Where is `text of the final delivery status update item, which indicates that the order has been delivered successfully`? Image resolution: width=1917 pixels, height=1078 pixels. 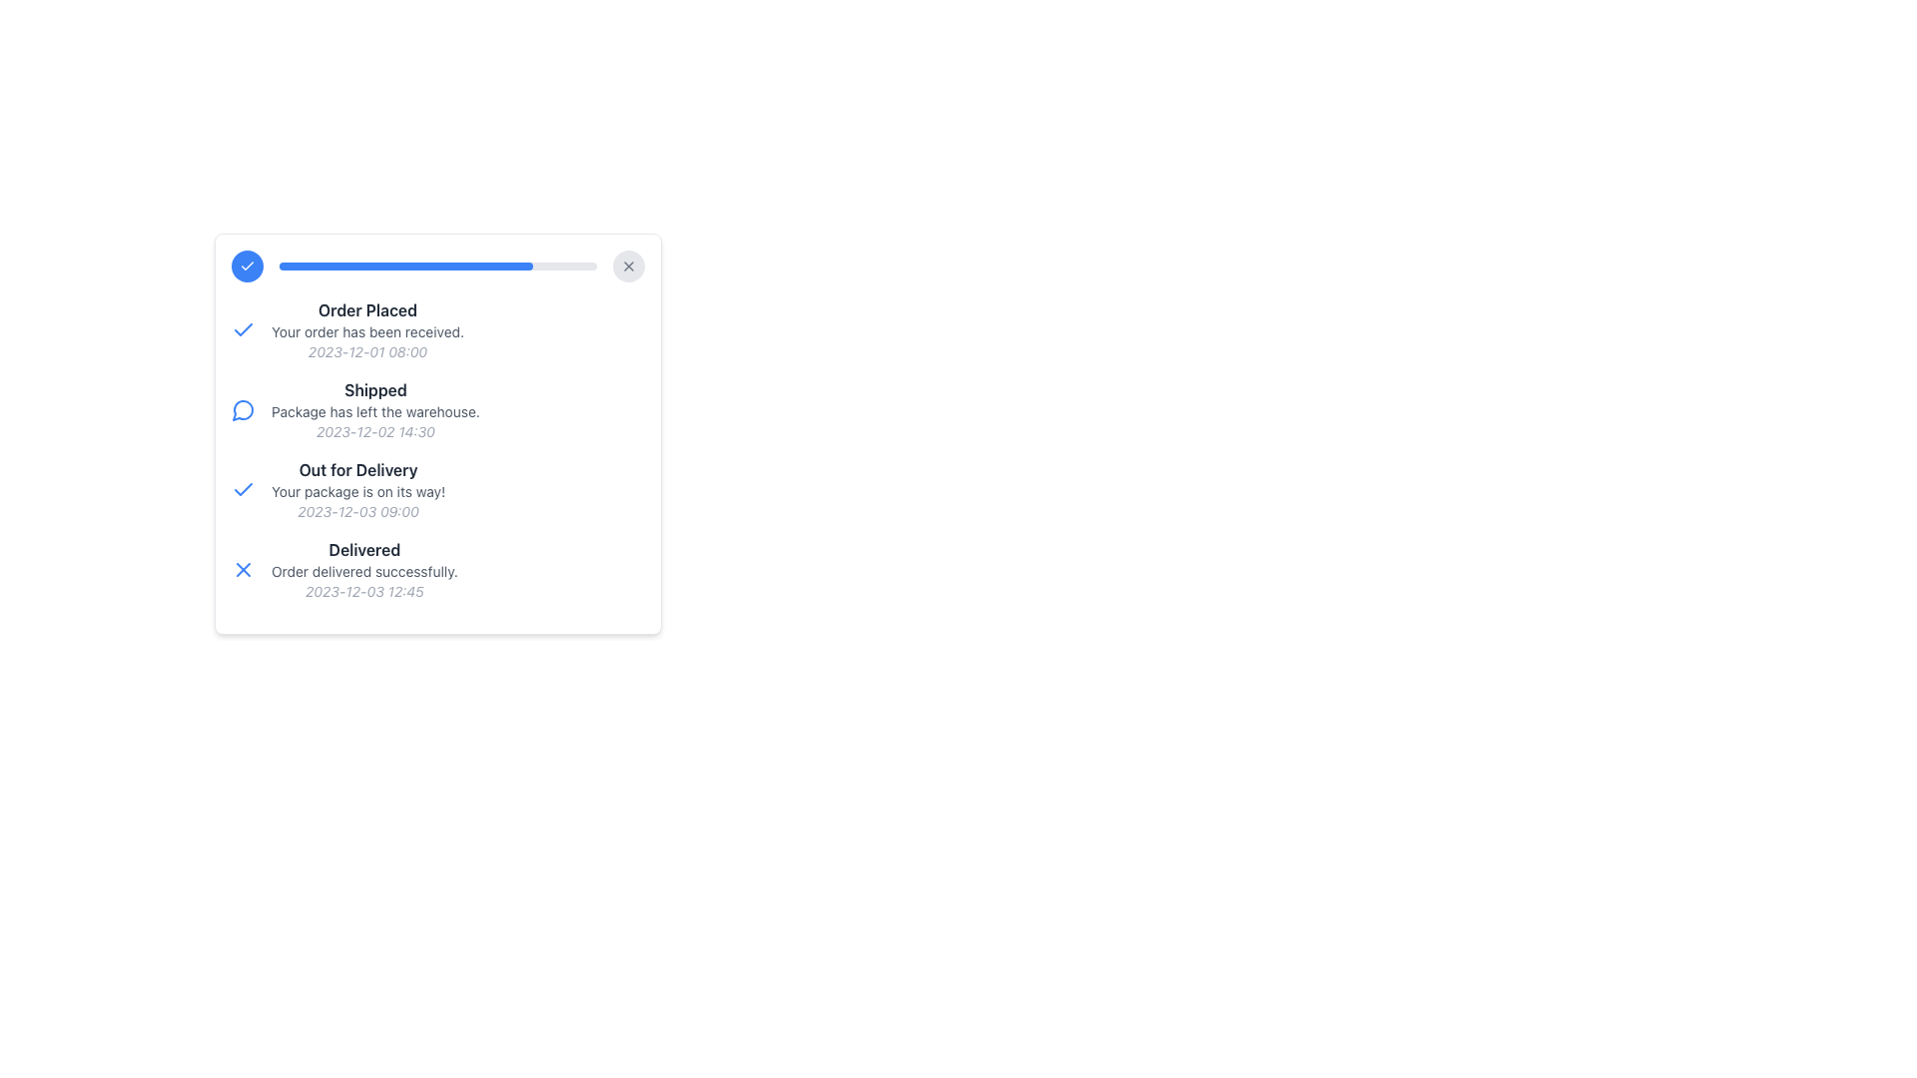
text of the final delivery status update item, which indicates that the order has been delivered successfully is located at coordinates (436, 569).